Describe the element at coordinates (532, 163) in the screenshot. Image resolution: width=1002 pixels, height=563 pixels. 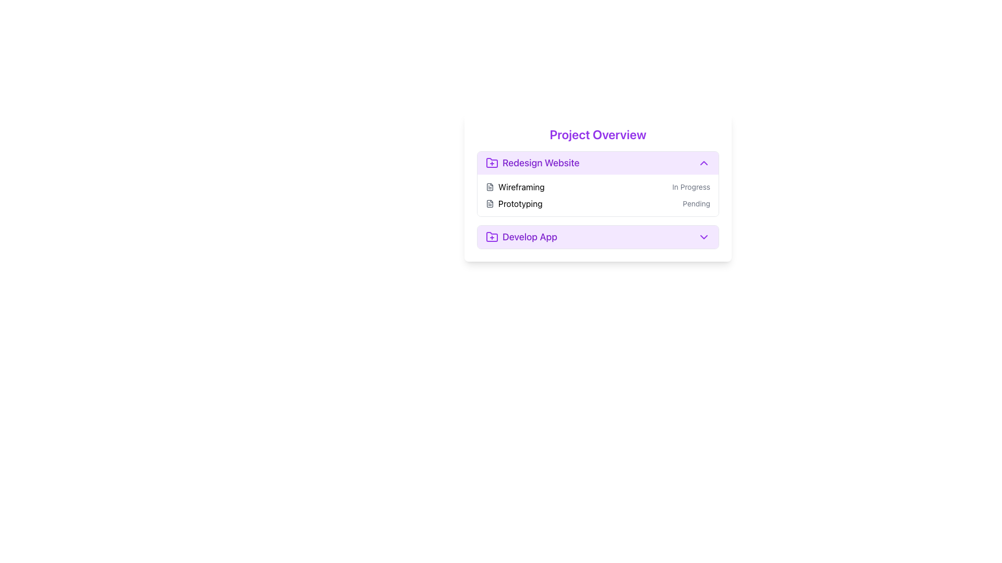
I see `the 'Redesign Website' task label, which features a purple folder icon with a plus sign and bold purple text` at that location.